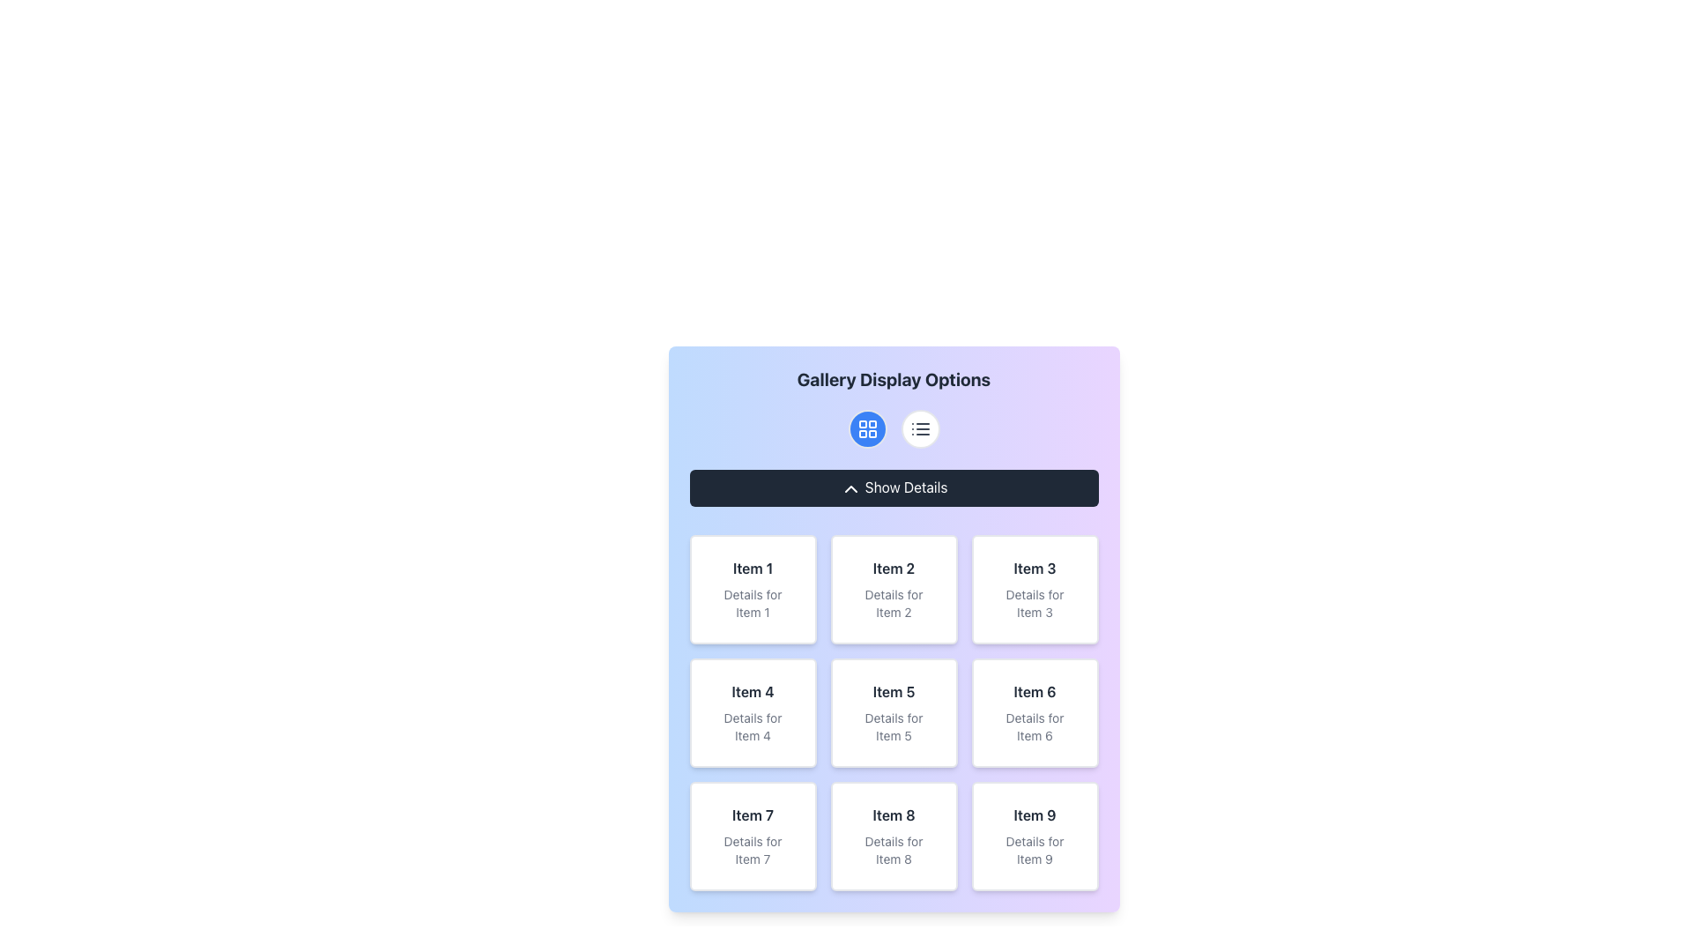  What do you see at coordinates (753, 589) in the screenshot?
I see `the Card that displays information about 'Item 1', which is the first item in a 3x3 grid layout` at bounding box center [753, 589].